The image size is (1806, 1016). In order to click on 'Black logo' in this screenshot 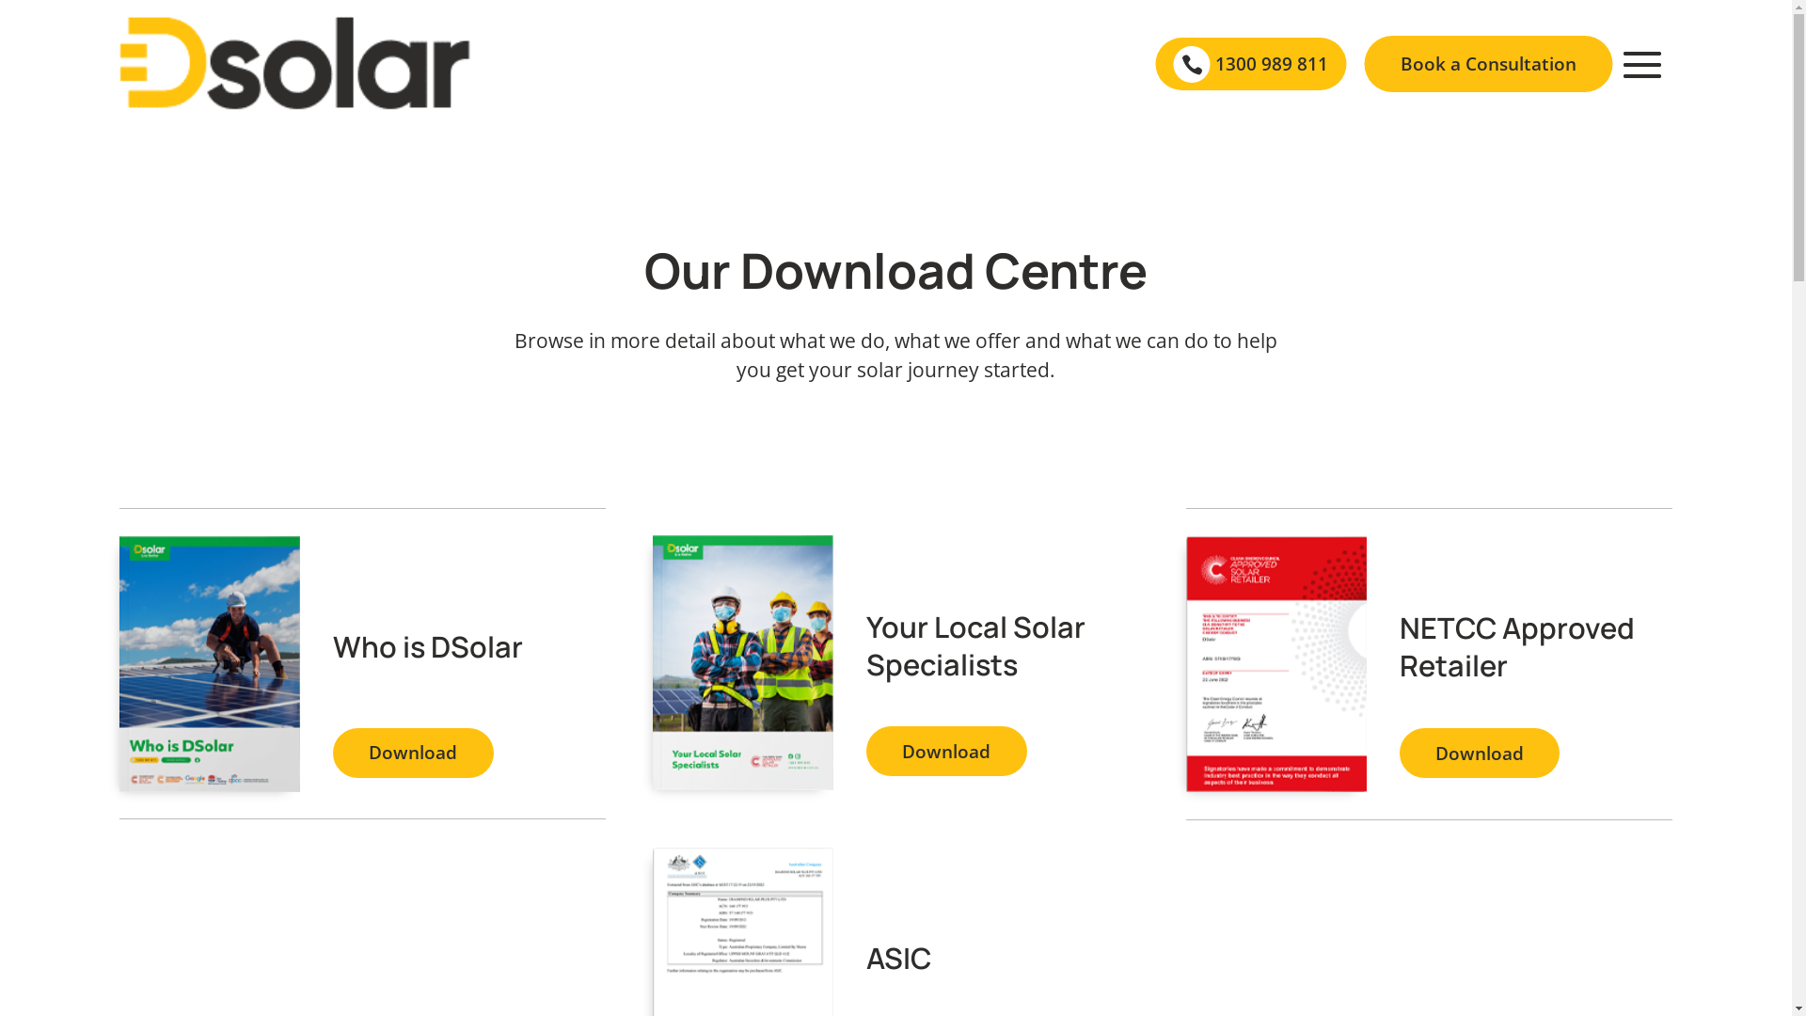, I will do `click(293, 63)`.